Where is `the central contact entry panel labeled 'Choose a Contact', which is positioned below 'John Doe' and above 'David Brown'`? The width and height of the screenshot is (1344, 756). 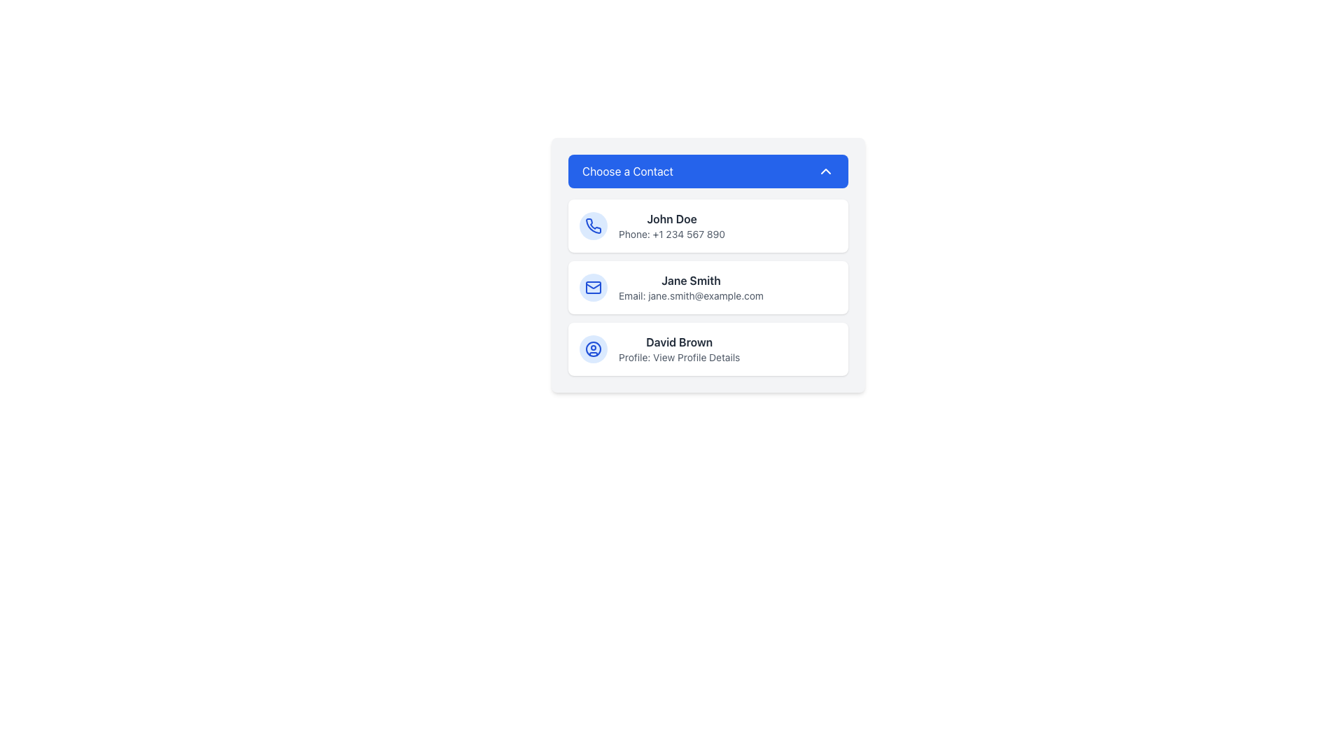 the central contact entry panel labeled 'Choose a Contact', which is positioned below 'John Doe' and above 'David Brown' is located at coordinates (708, 287).